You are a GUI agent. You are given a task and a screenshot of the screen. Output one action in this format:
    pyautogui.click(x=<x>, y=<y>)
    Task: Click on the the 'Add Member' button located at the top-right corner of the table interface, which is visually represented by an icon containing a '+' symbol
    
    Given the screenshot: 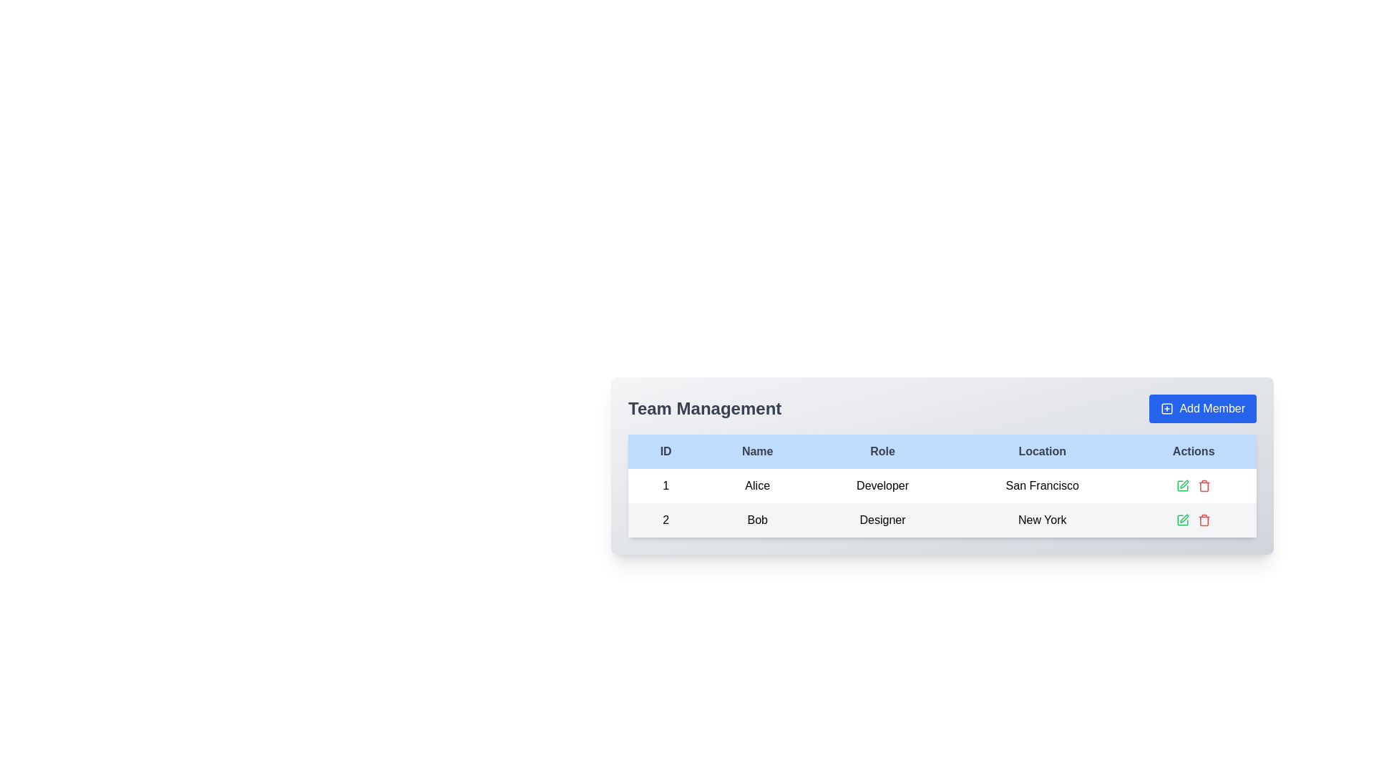 What is the action you would take?
    pyautogui.click(x=1167, y=408)
    